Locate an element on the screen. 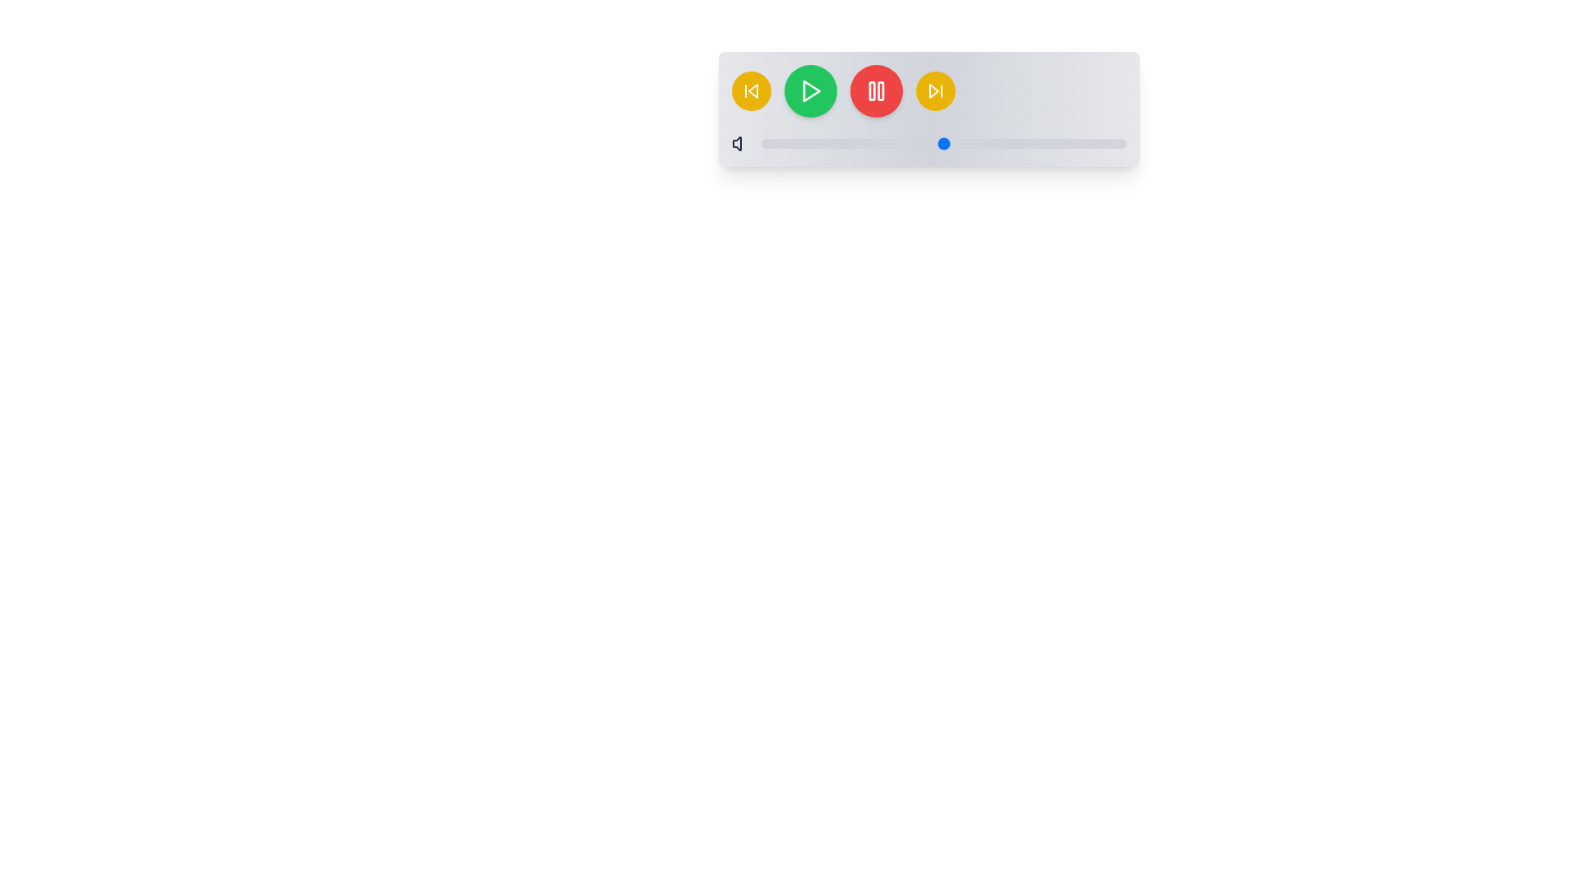  the circular red button with white pause icons is located at coordinates (875, 91).